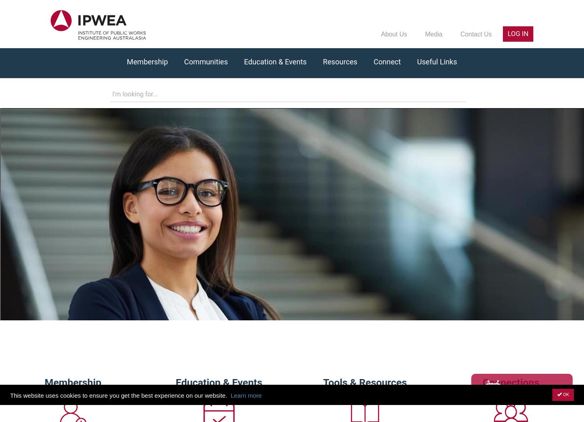 Image resolution: width=584 pixels, height=422 pixels. Describe the element at coordinates (565, 394) in the screenshot. I see `'OK'` at that location.